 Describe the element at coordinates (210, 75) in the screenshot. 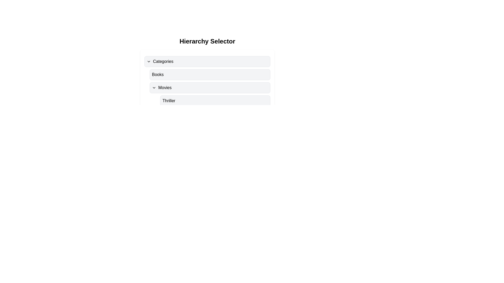

I see `the 'Books' button-like UI component, which is the second item in the vertical hierarchy selector, styled with a light gray background and rounded corners` at that location.